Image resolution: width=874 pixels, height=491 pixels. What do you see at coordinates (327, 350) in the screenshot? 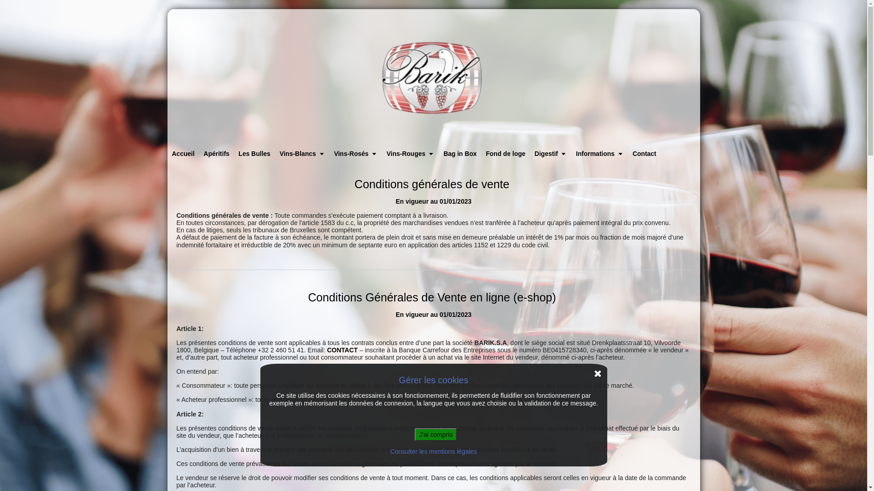
I see `'CONTACT'` at bounding box center [327, 350].